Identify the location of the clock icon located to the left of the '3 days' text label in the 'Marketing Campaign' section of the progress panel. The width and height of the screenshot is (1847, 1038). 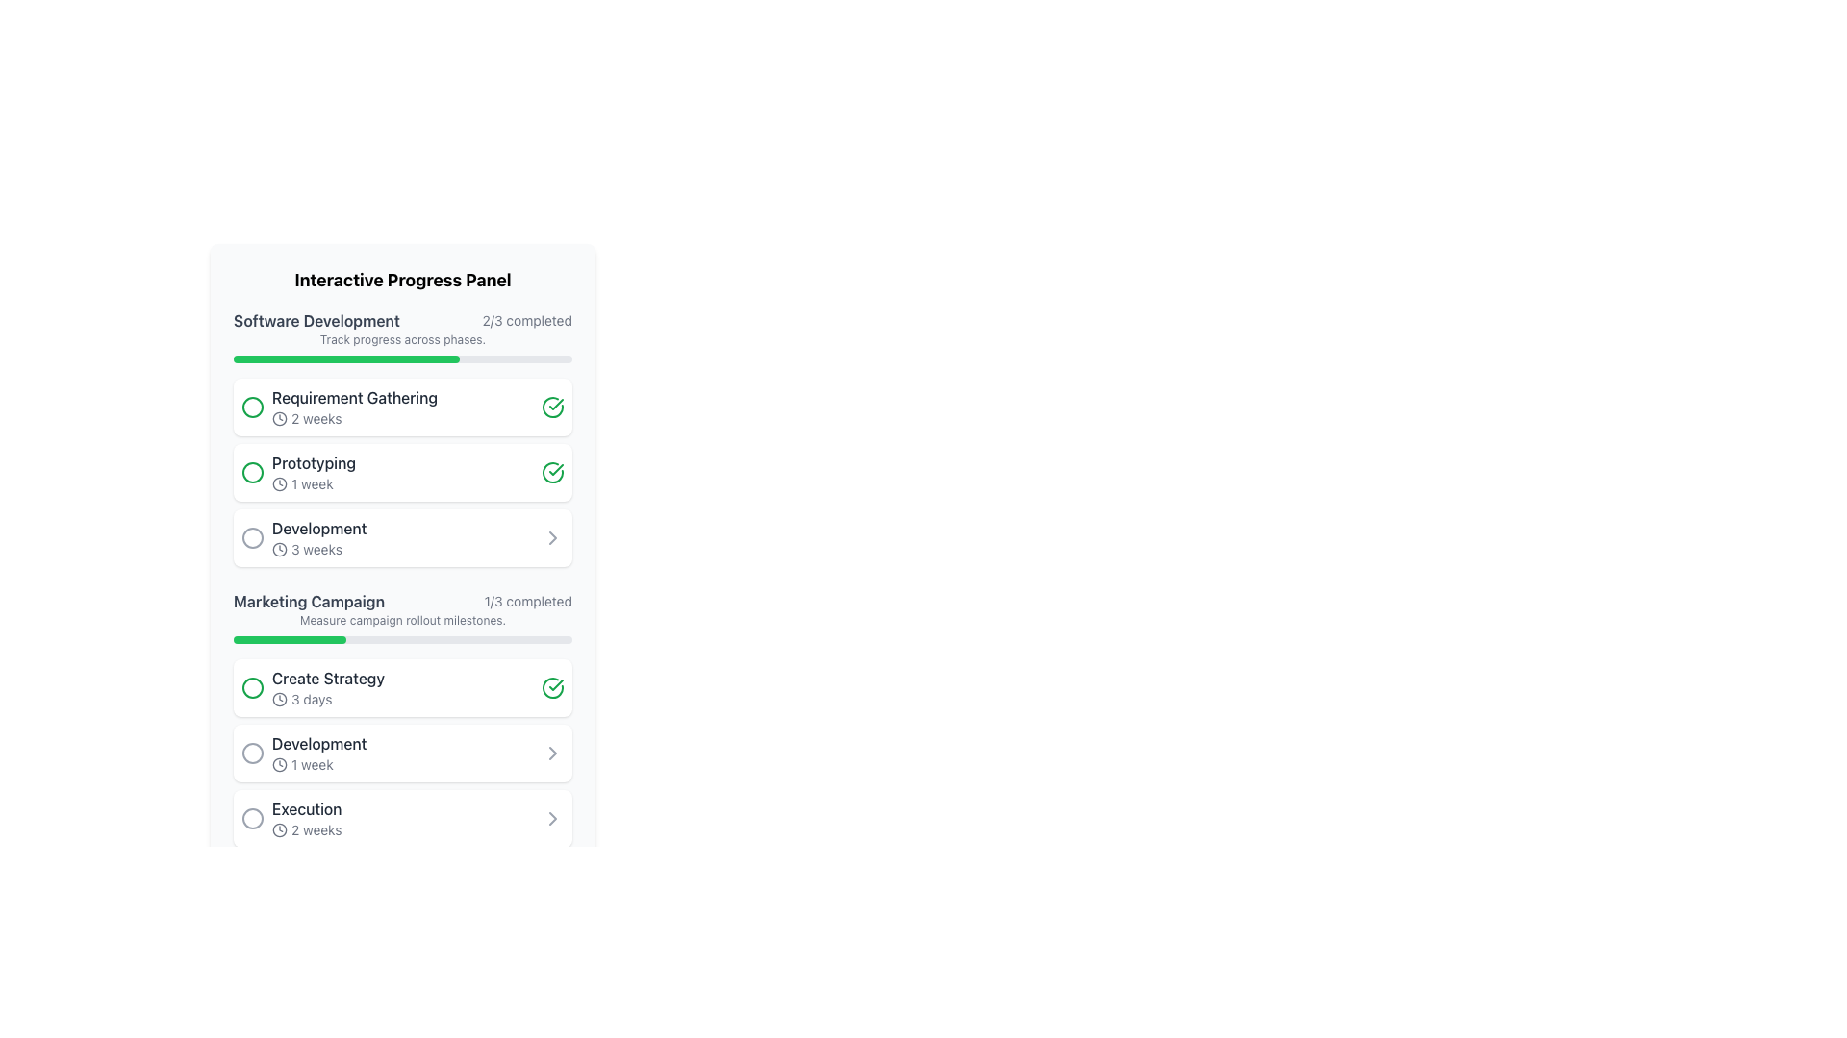
(279, 700).